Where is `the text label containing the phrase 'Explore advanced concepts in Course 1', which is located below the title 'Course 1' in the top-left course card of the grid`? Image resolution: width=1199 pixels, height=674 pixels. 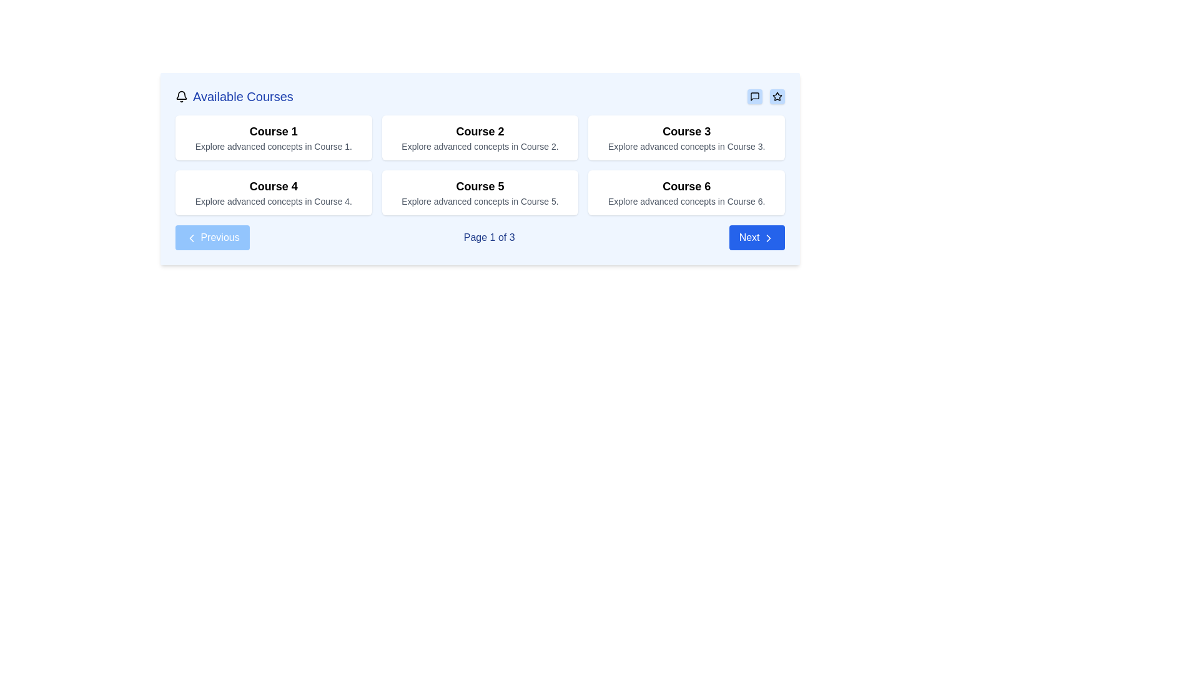
the text label containing the phrase 'Explore advanced concepts in Course 1', which is located below the title 'Course 1' in the top-left course card of the grid is located at coordinates (273, 146).